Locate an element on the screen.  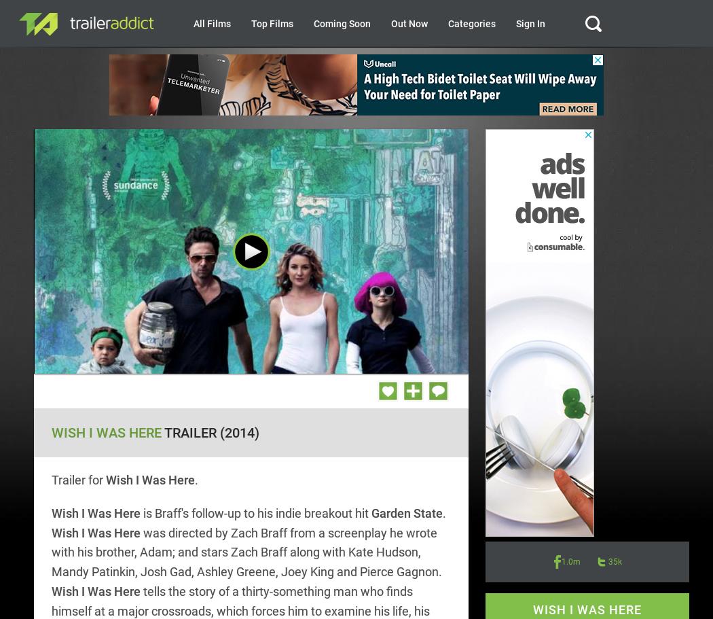
'Trailer for' is located at coordinates (77, 480).